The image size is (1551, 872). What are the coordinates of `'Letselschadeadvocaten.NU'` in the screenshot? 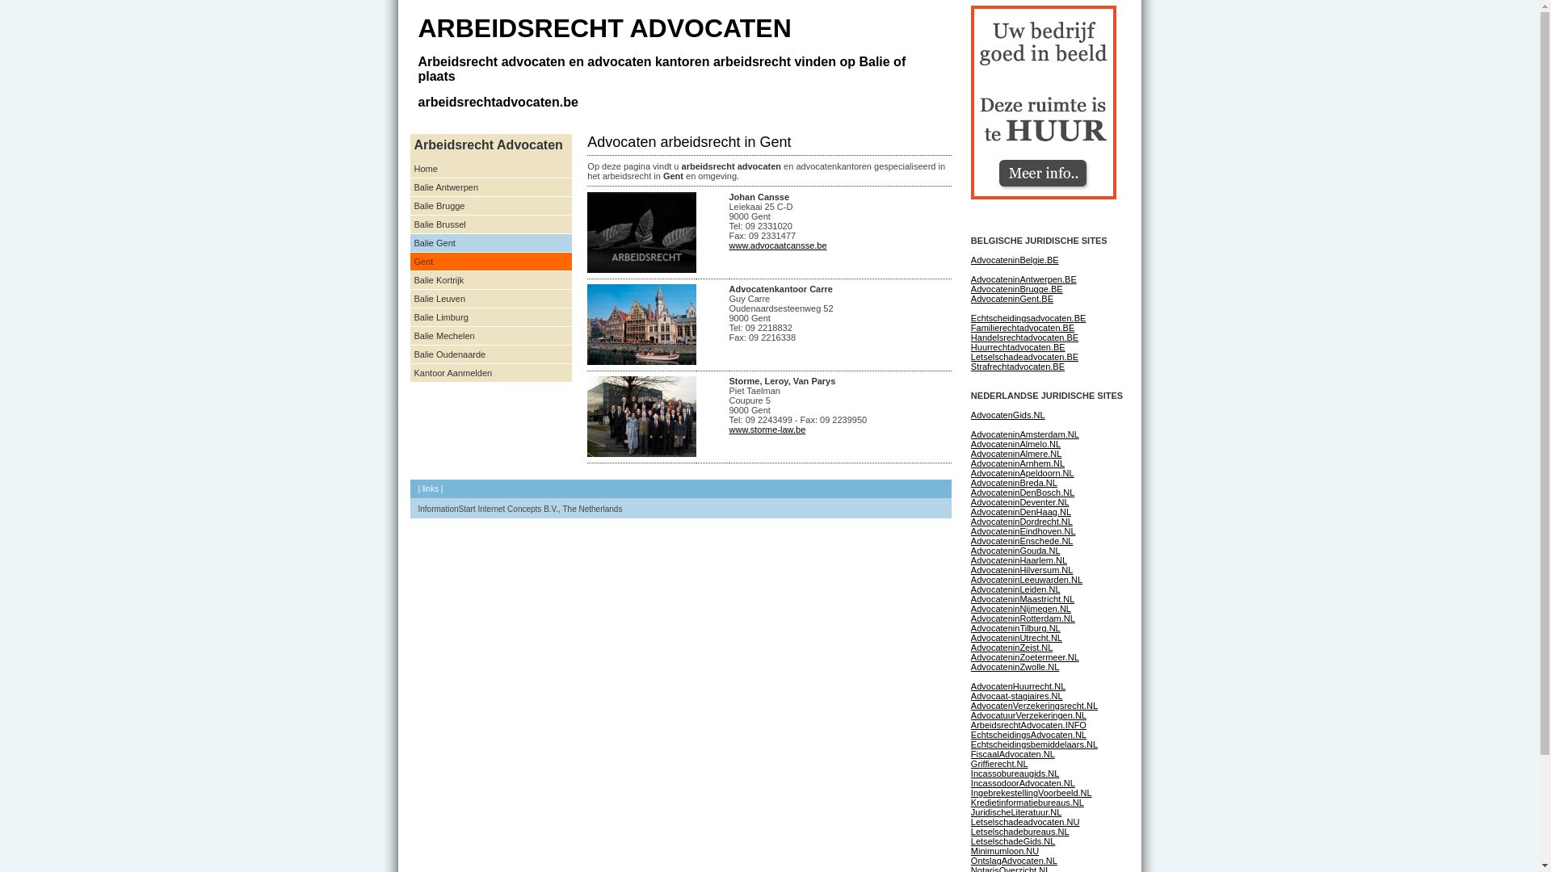 It's located at (1024, 822).